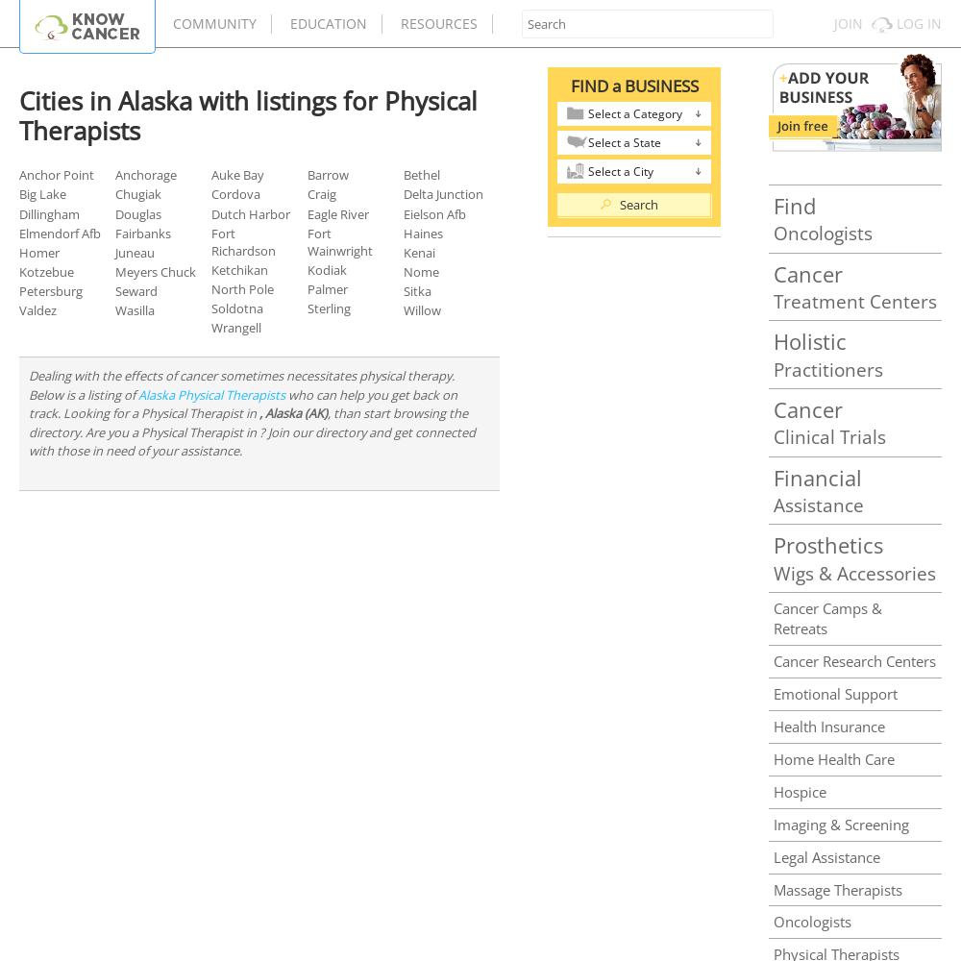 The height and width of the screenshot is (961, 961). What do you see at coordinates (422, 232) in the screenshot?
I see `'Haines'` at bounding box center [422, 232].